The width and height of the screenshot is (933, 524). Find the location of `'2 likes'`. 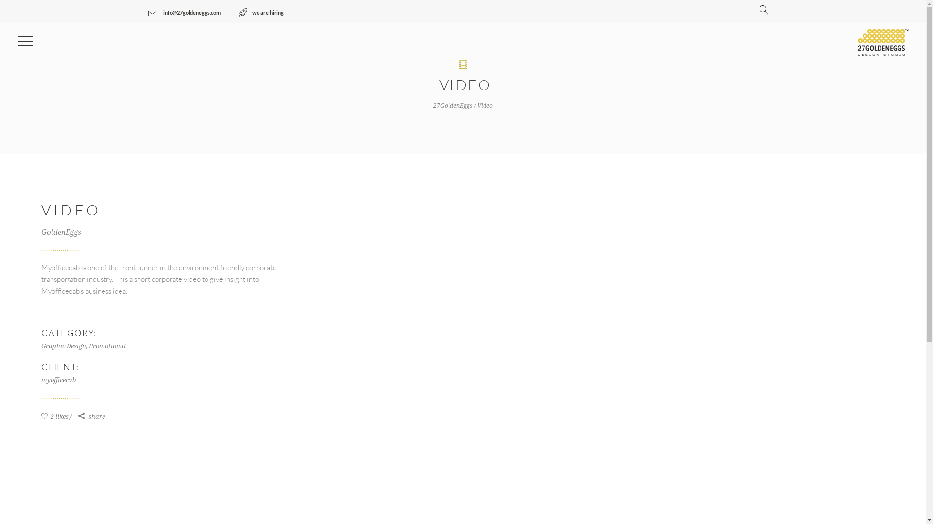

'2 likes' is located at coordinates (56, 416).